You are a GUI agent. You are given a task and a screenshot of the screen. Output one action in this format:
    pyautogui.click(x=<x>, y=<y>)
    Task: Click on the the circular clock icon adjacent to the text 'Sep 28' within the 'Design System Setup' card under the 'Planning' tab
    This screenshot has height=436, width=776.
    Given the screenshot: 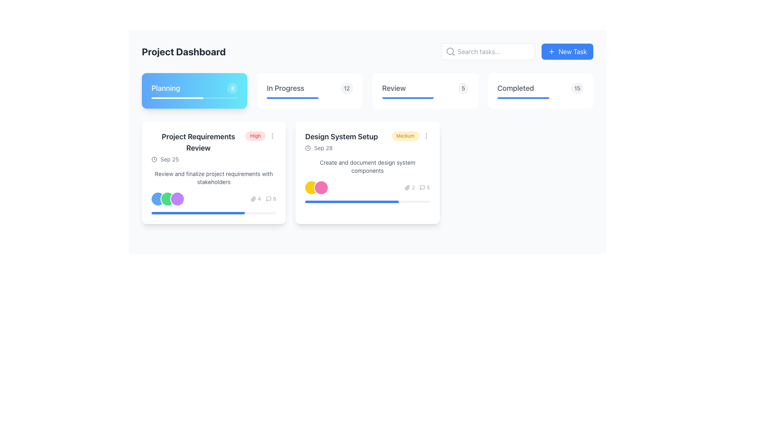 What is the action you would take?
    pyautogui.click(x=308, y=148)
    